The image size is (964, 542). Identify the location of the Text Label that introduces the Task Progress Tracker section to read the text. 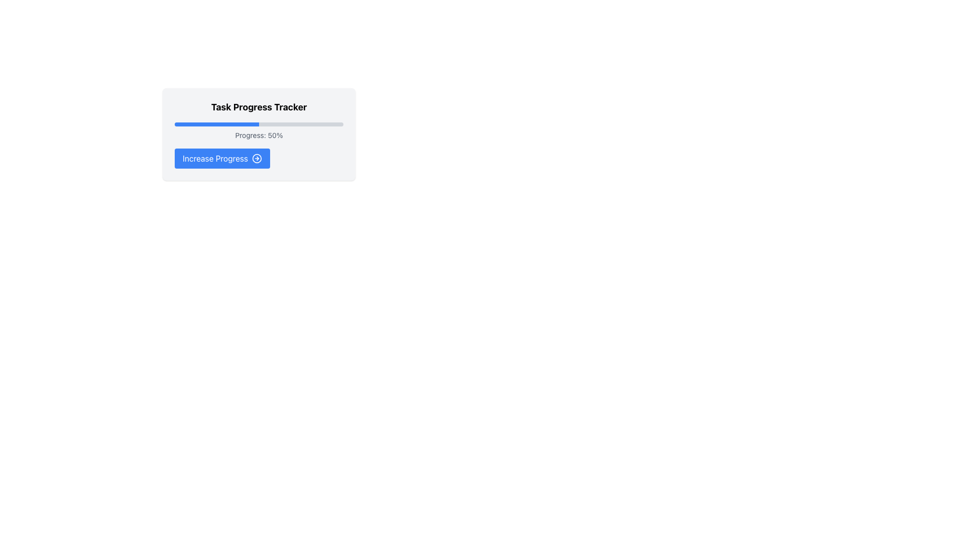
(259, 107).